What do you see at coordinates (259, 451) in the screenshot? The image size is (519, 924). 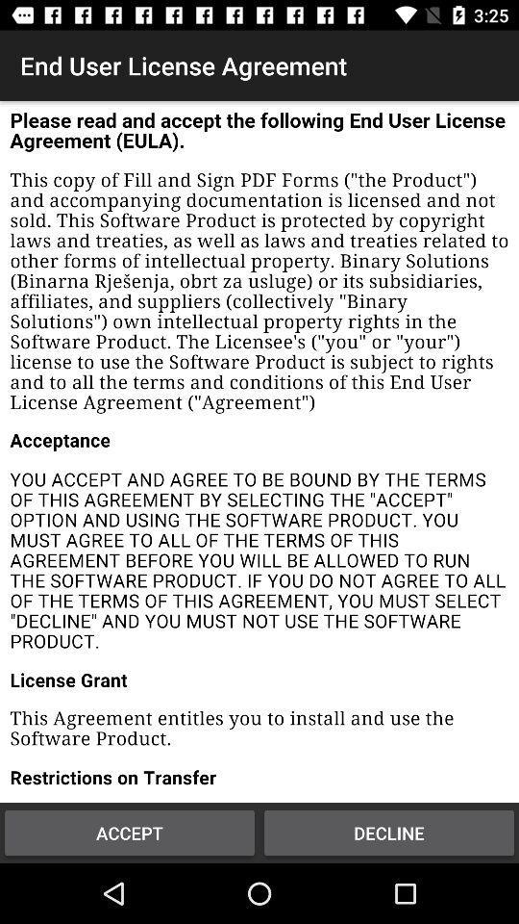 I see `advertisement` at bounding box center [259, 451].